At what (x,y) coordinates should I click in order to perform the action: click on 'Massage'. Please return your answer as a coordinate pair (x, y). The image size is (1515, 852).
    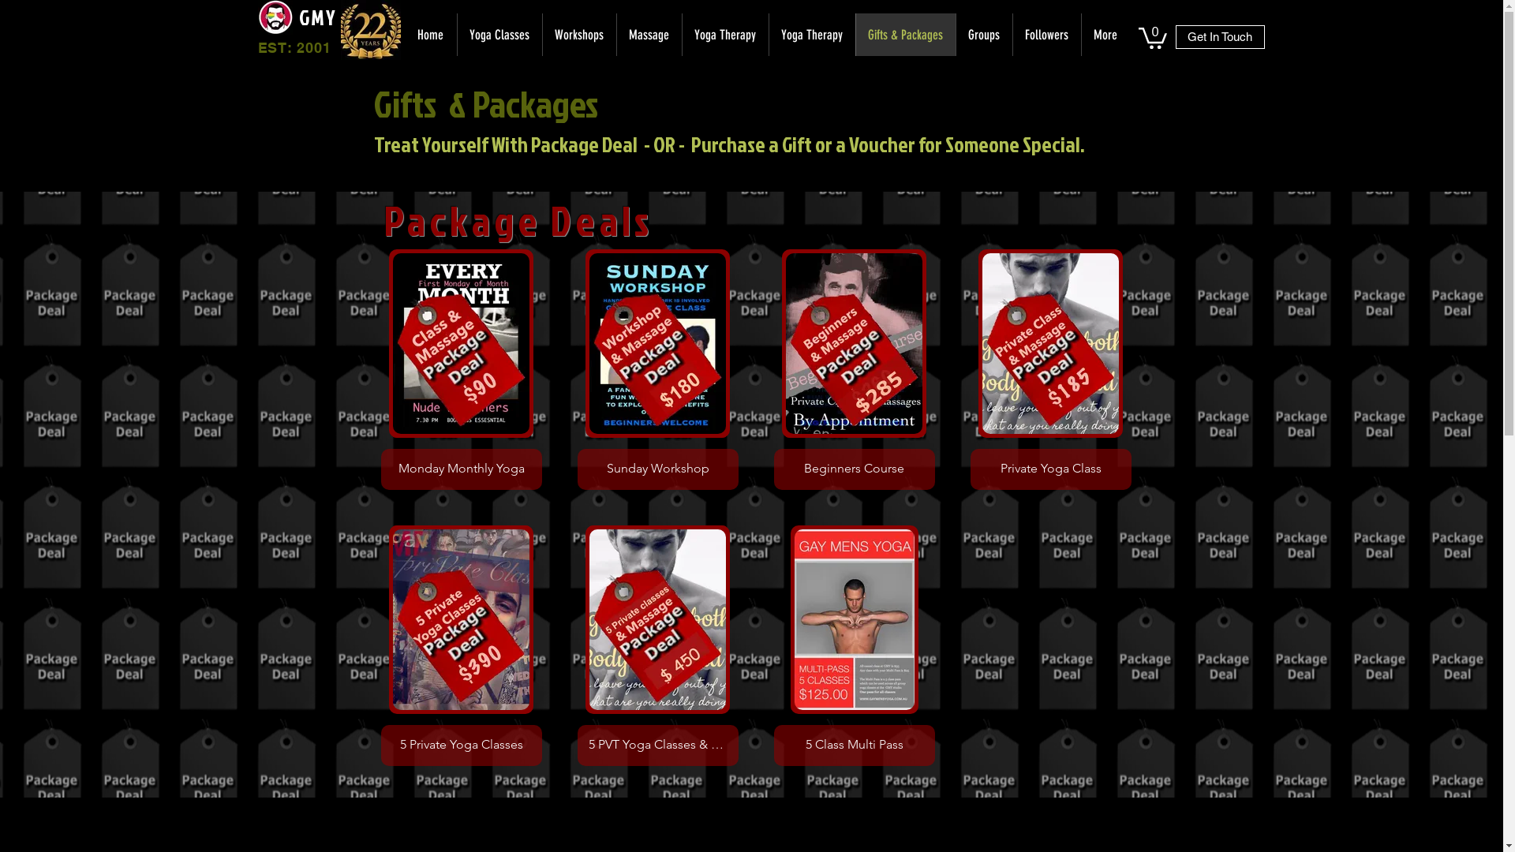
    Looking at the image, I should click on (648, 34).